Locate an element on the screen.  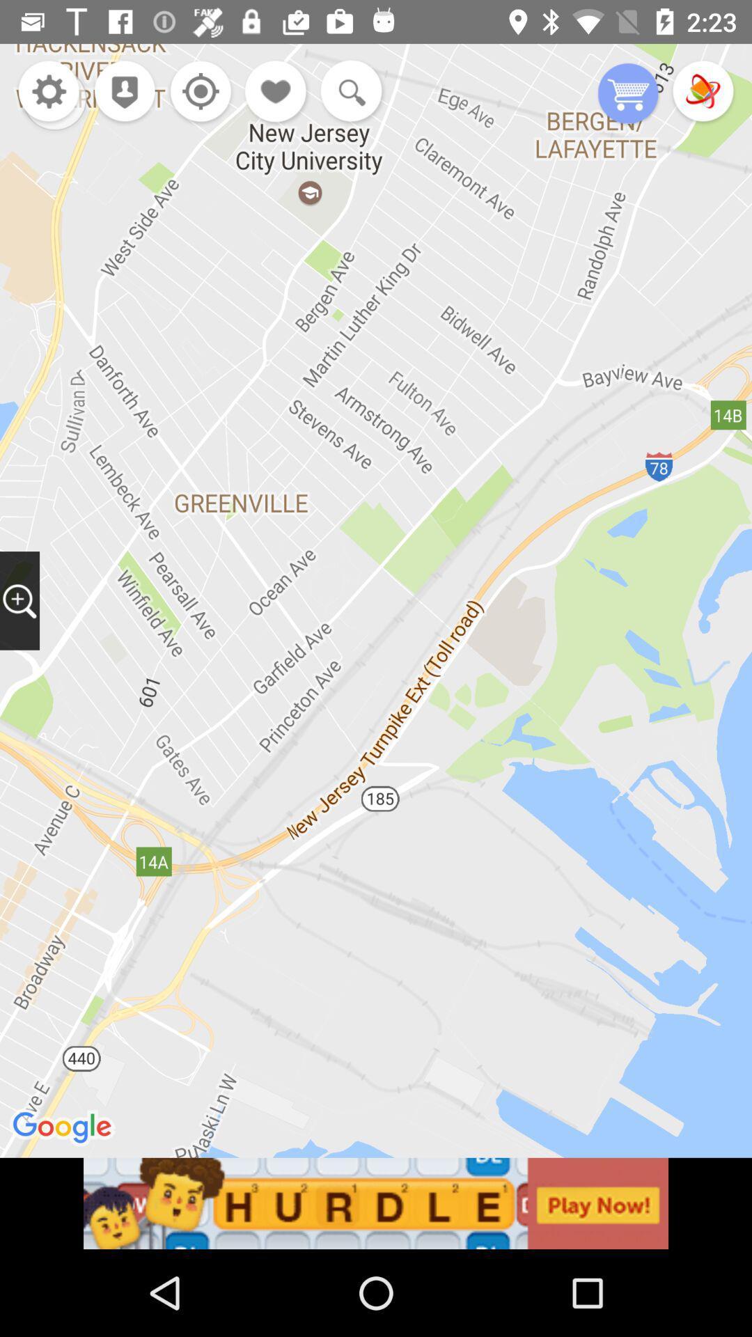
search is located at coordinates (347, 92).